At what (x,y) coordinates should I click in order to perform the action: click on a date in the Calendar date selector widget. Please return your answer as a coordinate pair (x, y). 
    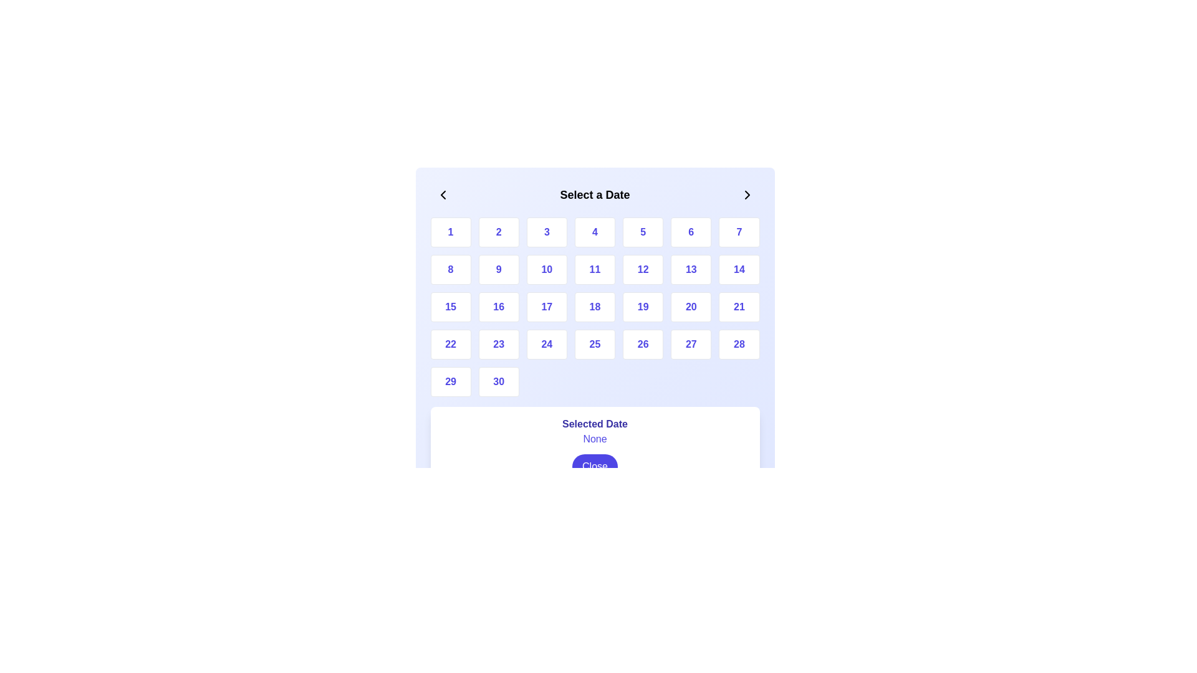
    Looking at the image, I should click on (594, 335).